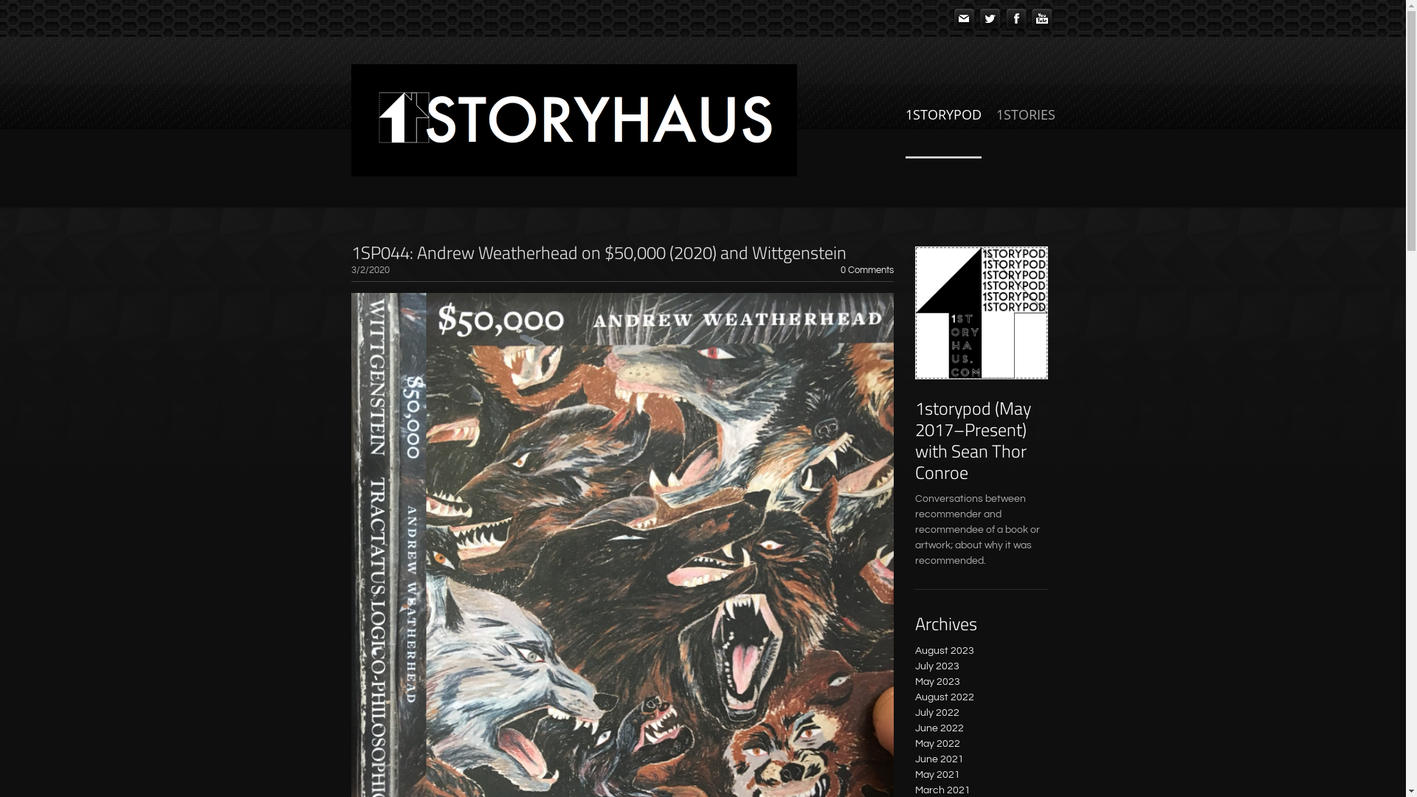 Image resolution: width=1417 pixels, height=797 pixels. Describe the element at coordinates (937, 666) in the screenshot. I see `'July 2023'` at that location.